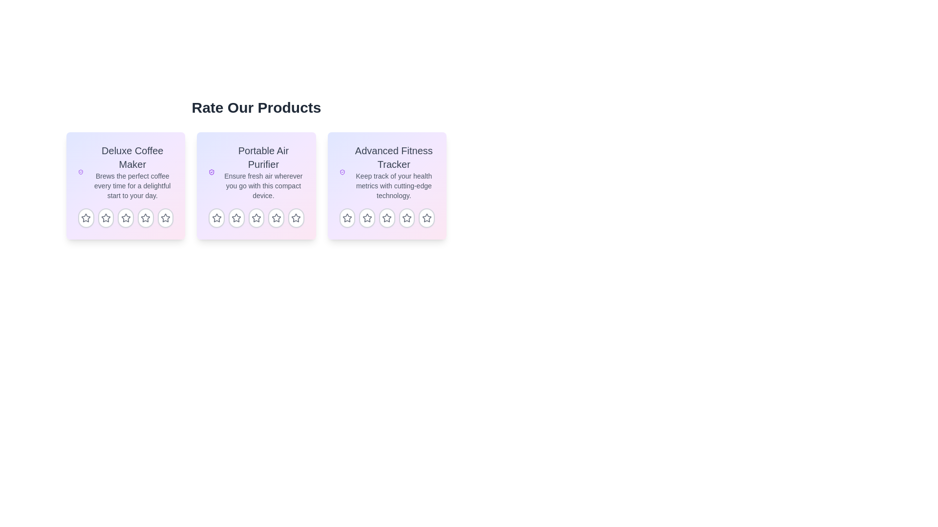 This screenshot has width=938, height=527. What do you see at coordinates (342, 172) in the screenshot?
I see `the purple-colored shield icon with a checkmark located in the top-left corner of the 'Advanced Fitness Tracker' card` at bounding box center [342, 172].